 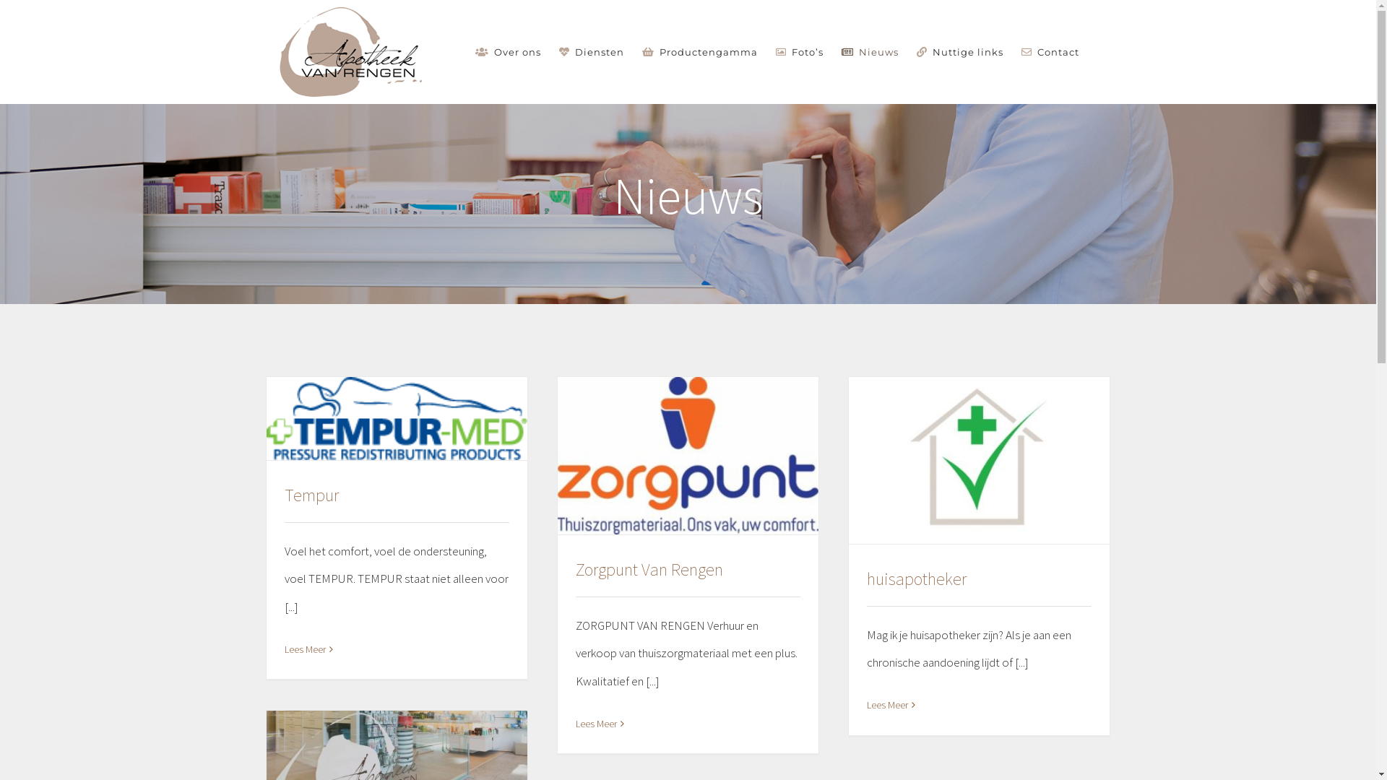 What do you see at coordinates (595, 724) in the screenshot?
I see `'Lees Meer'` at bounding box center [595, 724].